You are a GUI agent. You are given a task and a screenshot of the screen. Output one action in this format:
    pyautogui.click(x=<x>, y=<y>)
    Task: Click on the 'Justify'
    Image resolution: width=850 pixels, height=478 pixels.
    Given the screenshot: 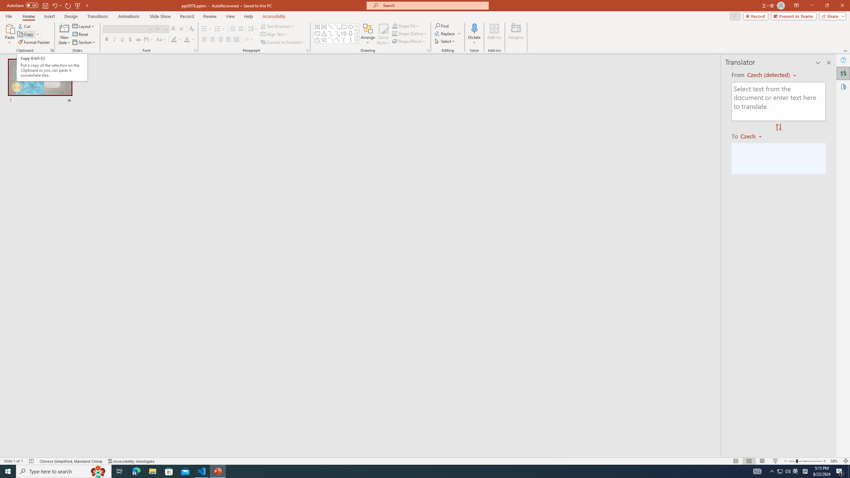 What is the action you would take?
    pyautogui.click(x=228, y=39)
    